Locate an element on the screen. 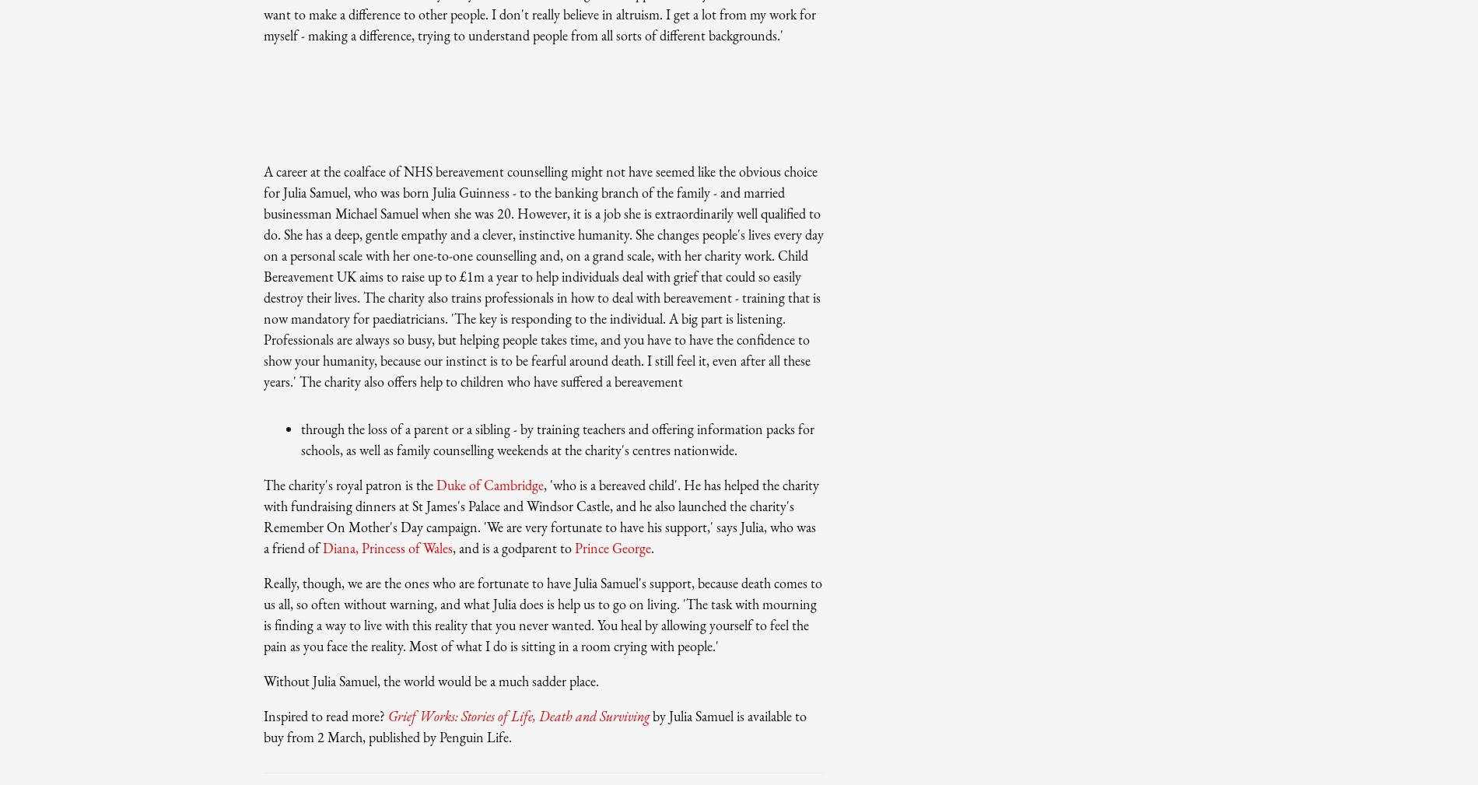 Image resolution: width=1478 pixels, height=785 pixels. 'Without Julia Samuel, the world would be a much sadder place.' is located at coordinates (262, 680).